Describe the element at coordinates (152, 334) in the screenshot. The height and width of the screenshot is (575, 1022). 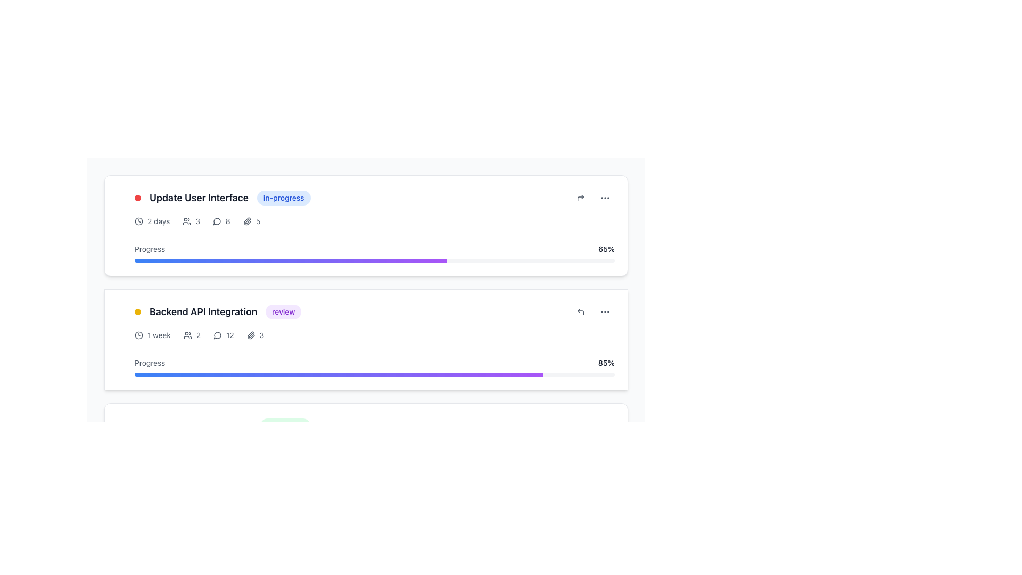
I see `the informational Text and Icon Pair indicating the duration of the task within the 'Backend API Integration' task card` at that location.